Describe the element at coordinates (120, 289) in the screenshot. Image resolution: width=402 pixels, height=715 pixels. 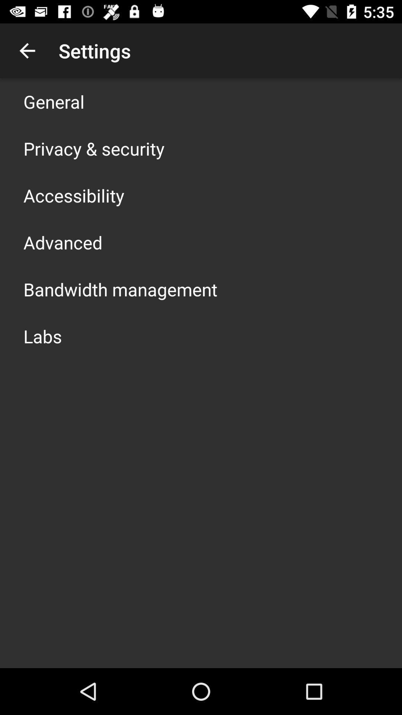
I see `the bandwidth management icon` at that location.